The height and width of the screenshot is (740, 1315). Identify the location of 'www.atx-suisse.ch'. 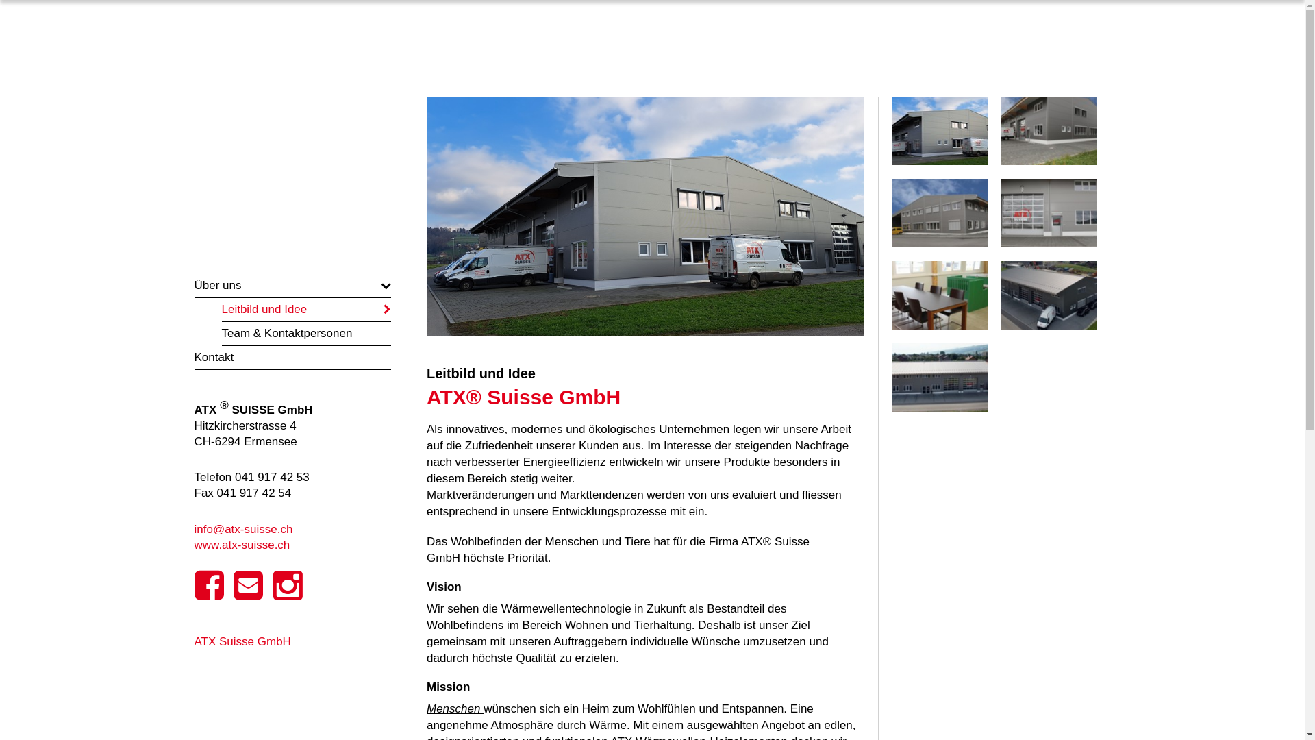
(193, 544).